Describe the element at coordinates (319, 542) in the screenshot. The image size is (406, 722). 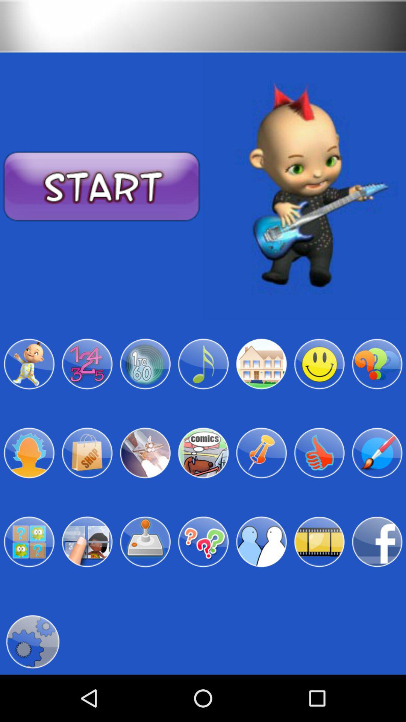
I see `choose video mode` at that location.